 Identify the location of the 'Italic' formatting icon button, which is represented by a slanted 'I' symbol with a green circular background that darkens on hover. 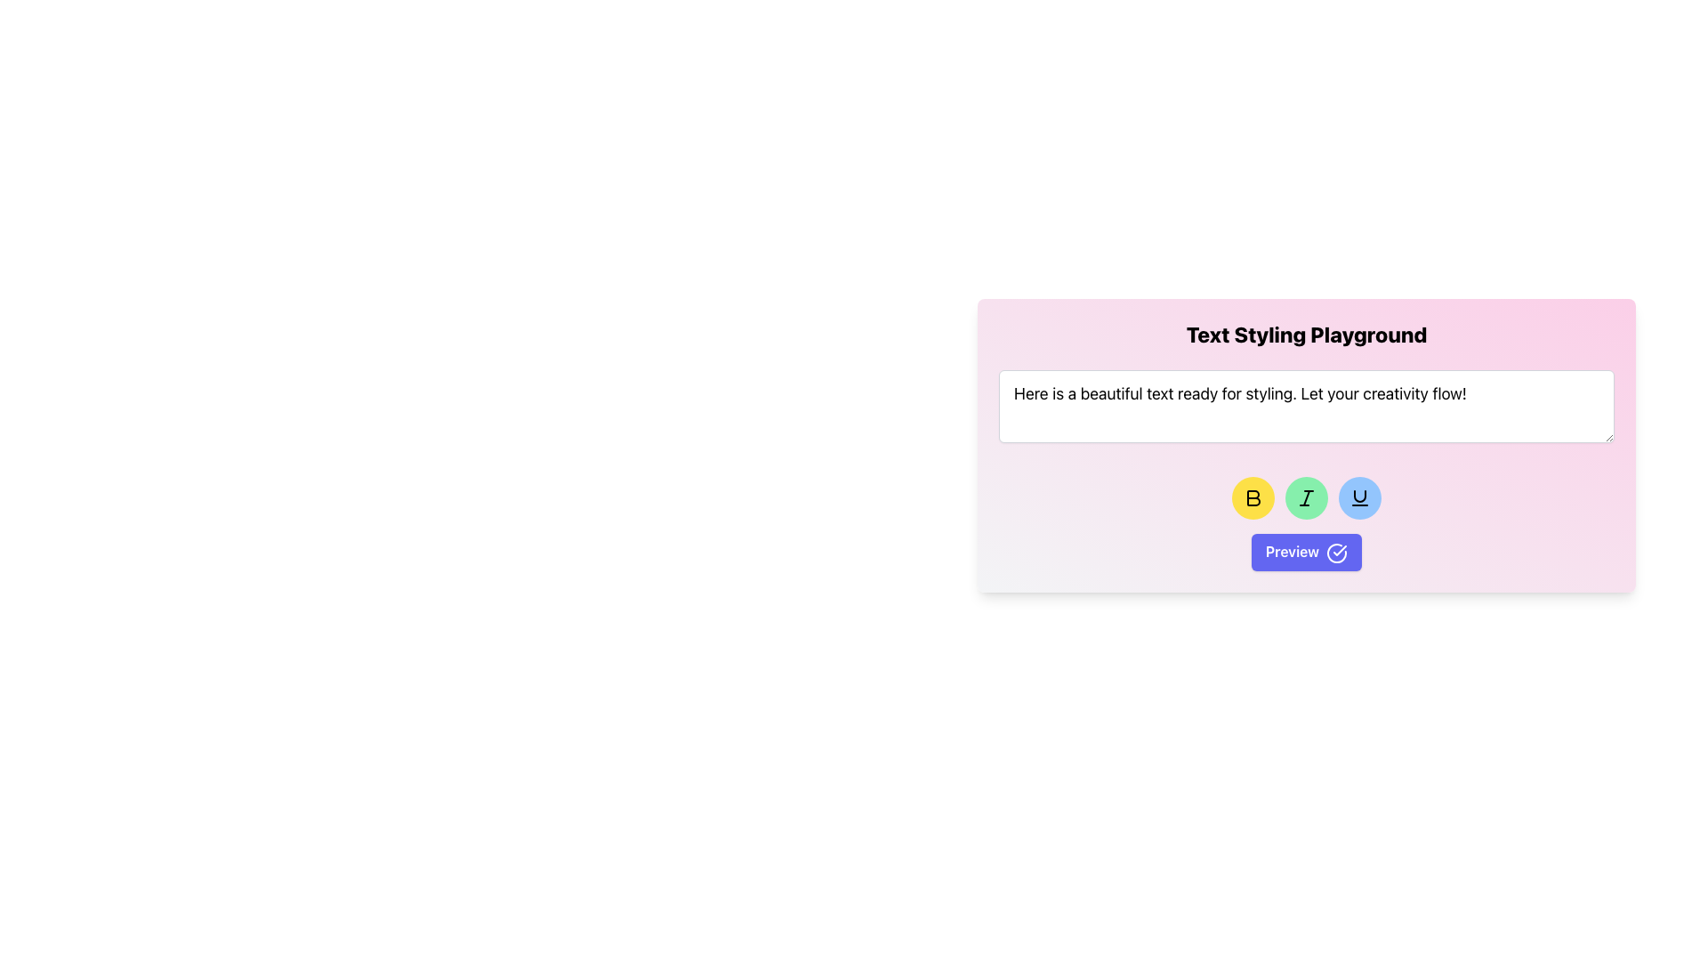
(1306, 497).